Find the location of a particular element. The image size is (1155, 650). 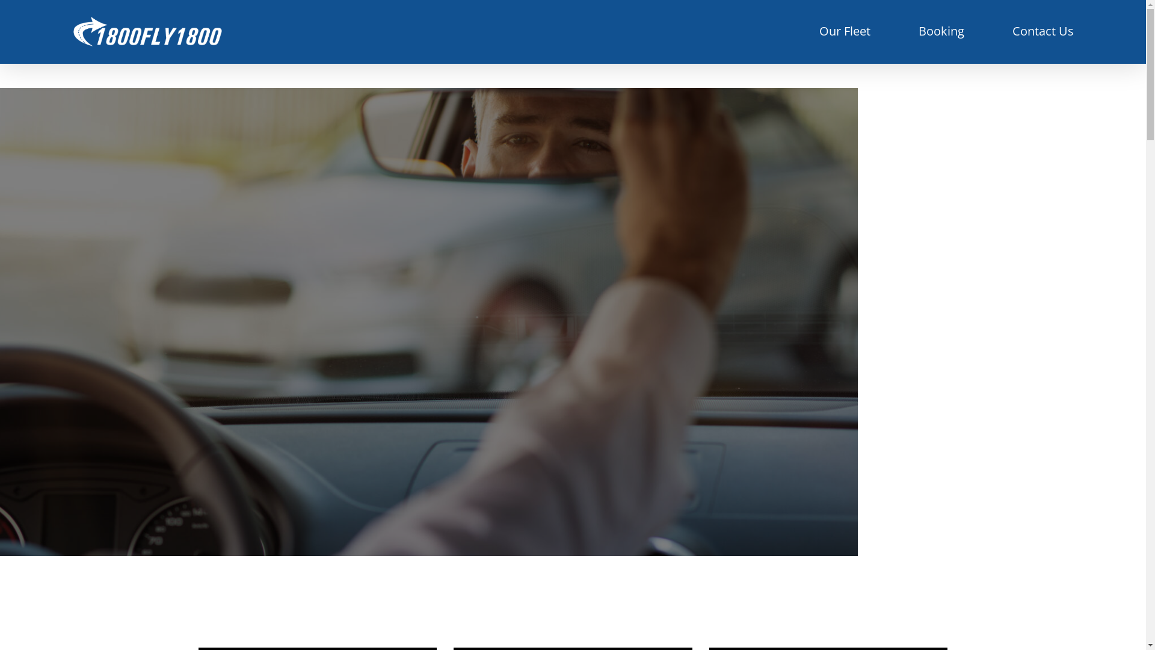

'Our Fleet' is located at coordinates (819, 31).